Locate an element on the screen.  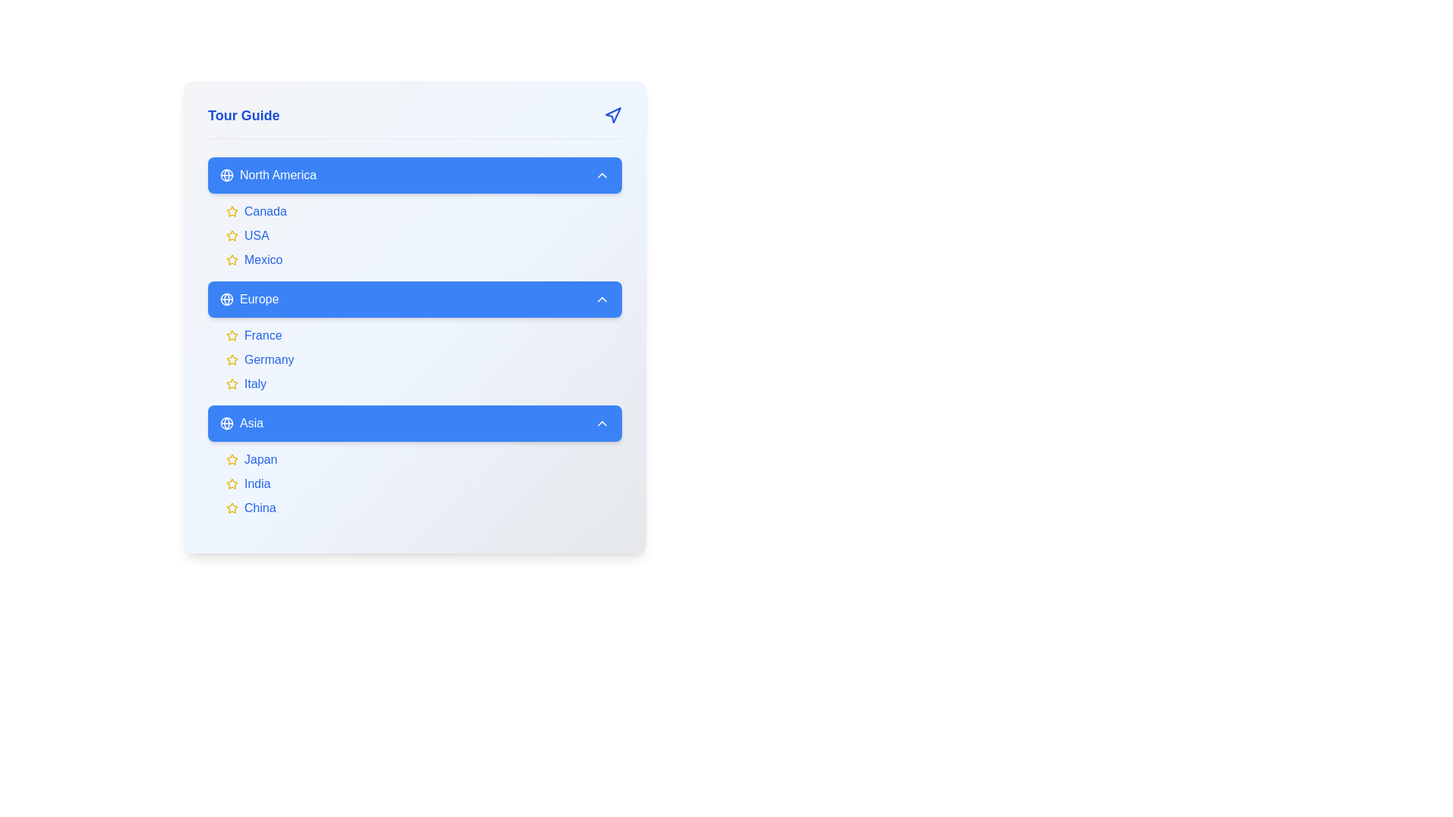
the star icon positioned to the left of the 'USA' text label is located at coordinates (232, 235).